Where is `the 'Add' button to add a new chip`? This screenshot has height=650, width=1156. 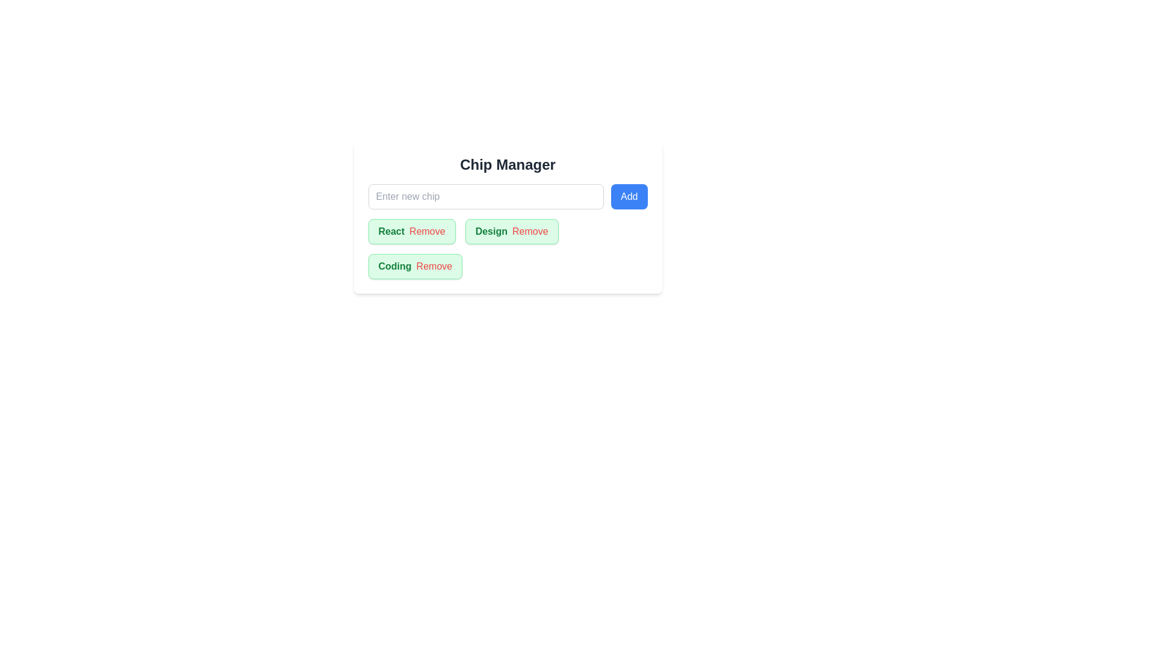 the 'Add' button to add a new chip is located at coordinates (629, 196).